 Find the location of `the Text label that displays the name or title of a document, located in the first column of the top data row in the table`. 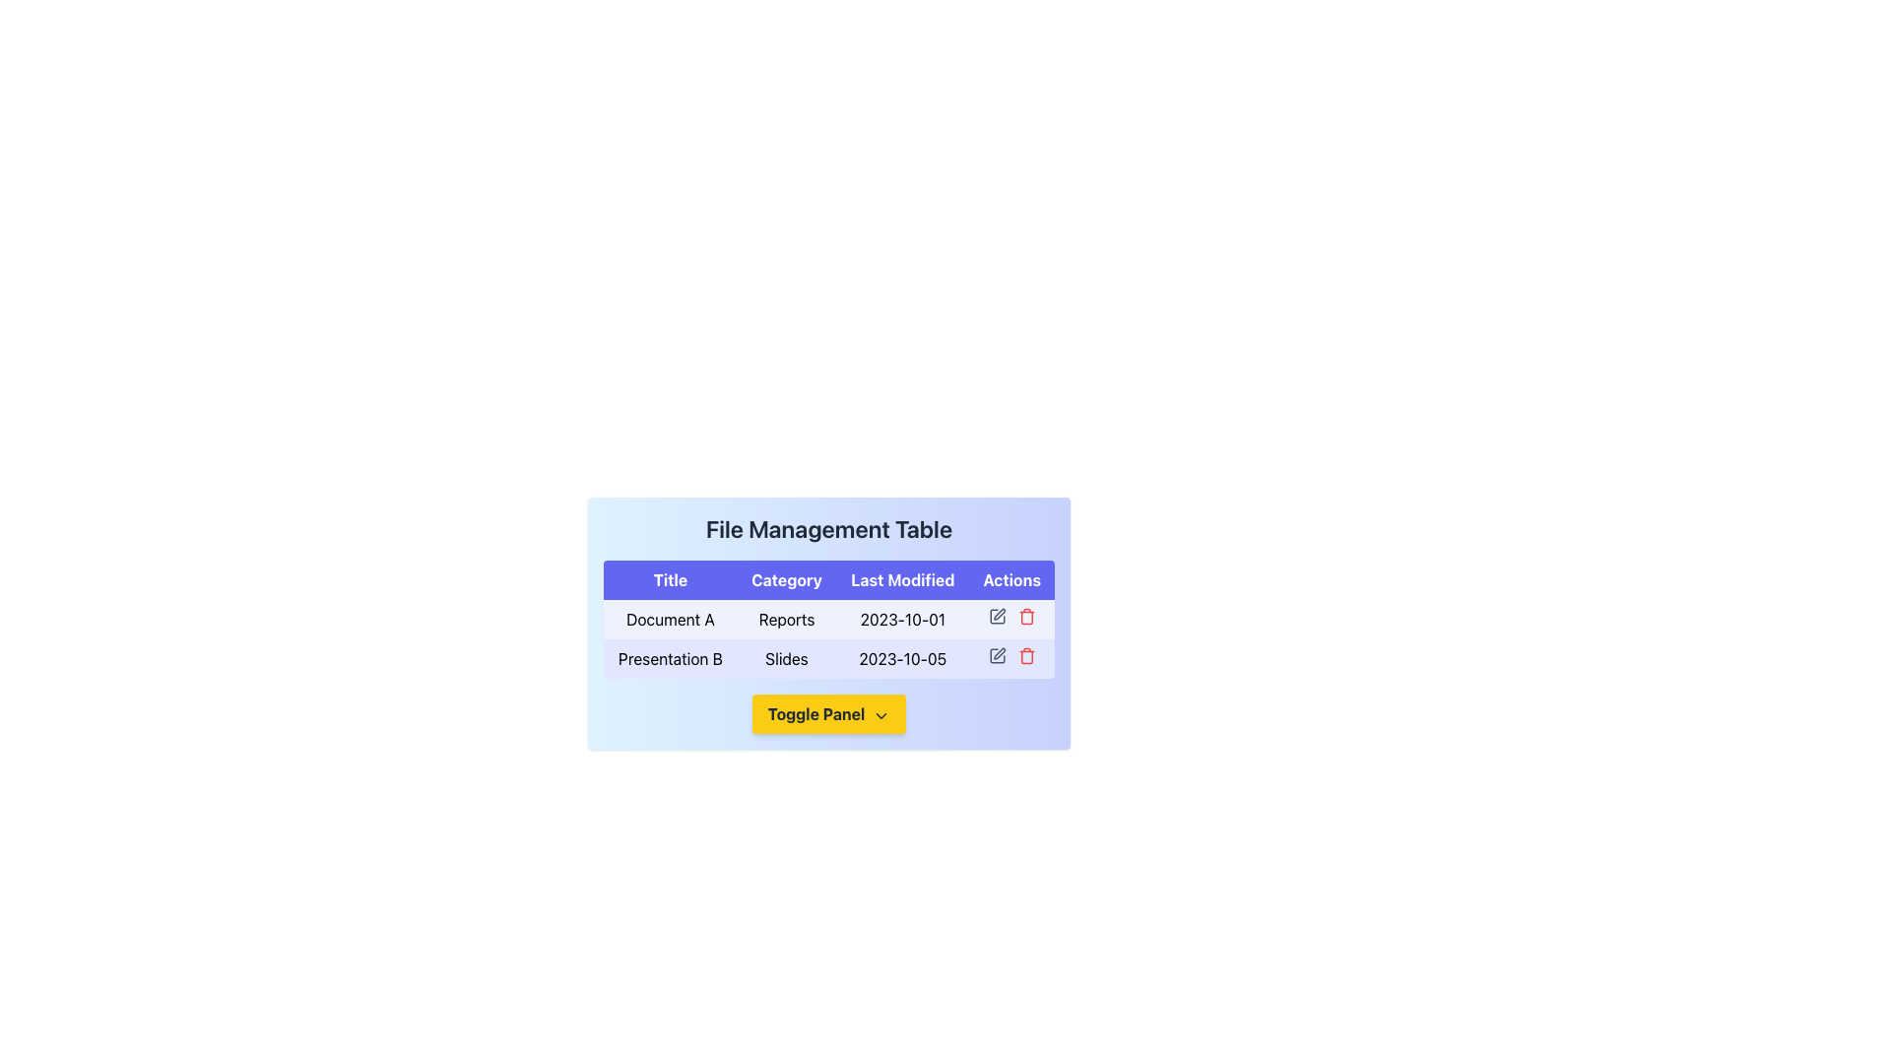

the Text label that displays the name or title of a document, located in the first column of the top data row in the table is located at coordinates (671, 618).